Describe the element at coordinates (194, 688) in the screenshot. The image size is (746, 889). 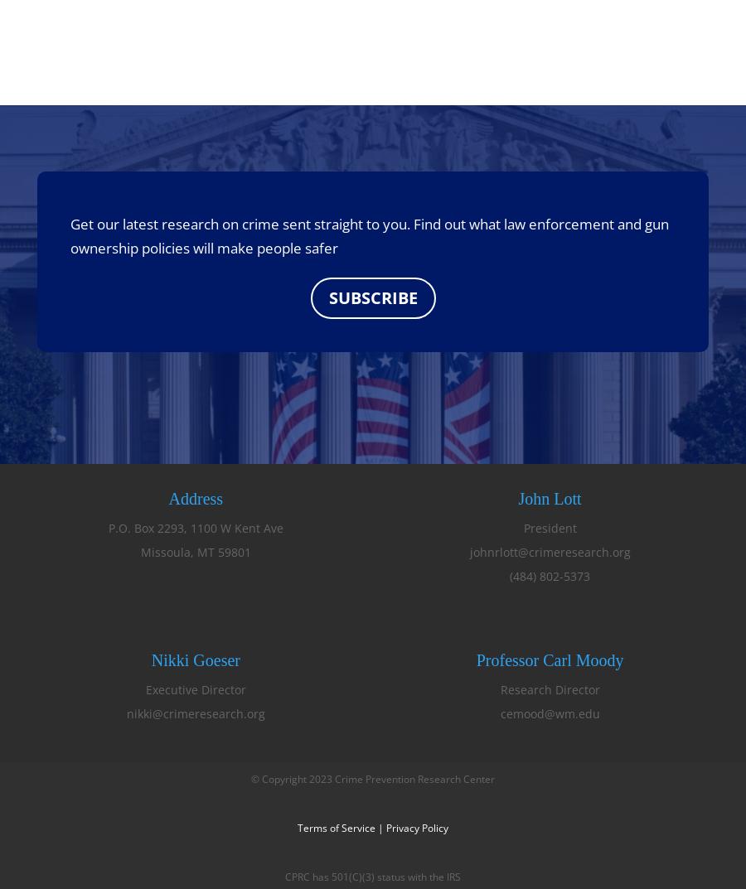
I see `'Executive Director'` at that location.